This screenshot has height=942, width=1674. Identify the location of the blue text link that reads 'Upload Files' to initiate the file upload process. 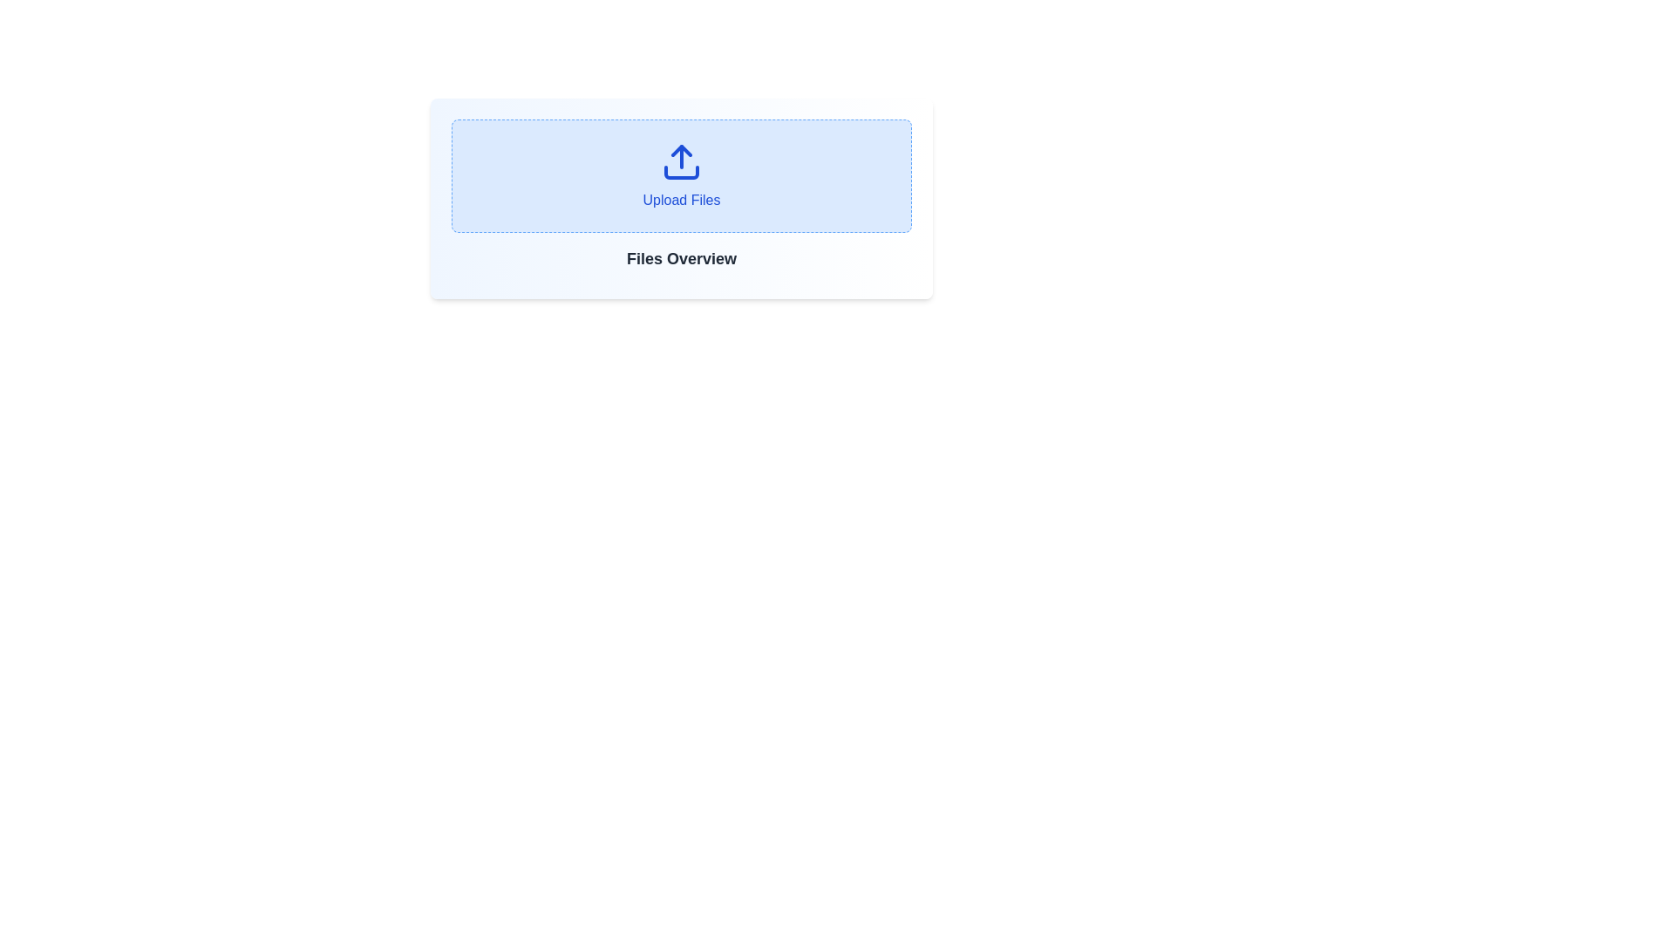
(681, 174).